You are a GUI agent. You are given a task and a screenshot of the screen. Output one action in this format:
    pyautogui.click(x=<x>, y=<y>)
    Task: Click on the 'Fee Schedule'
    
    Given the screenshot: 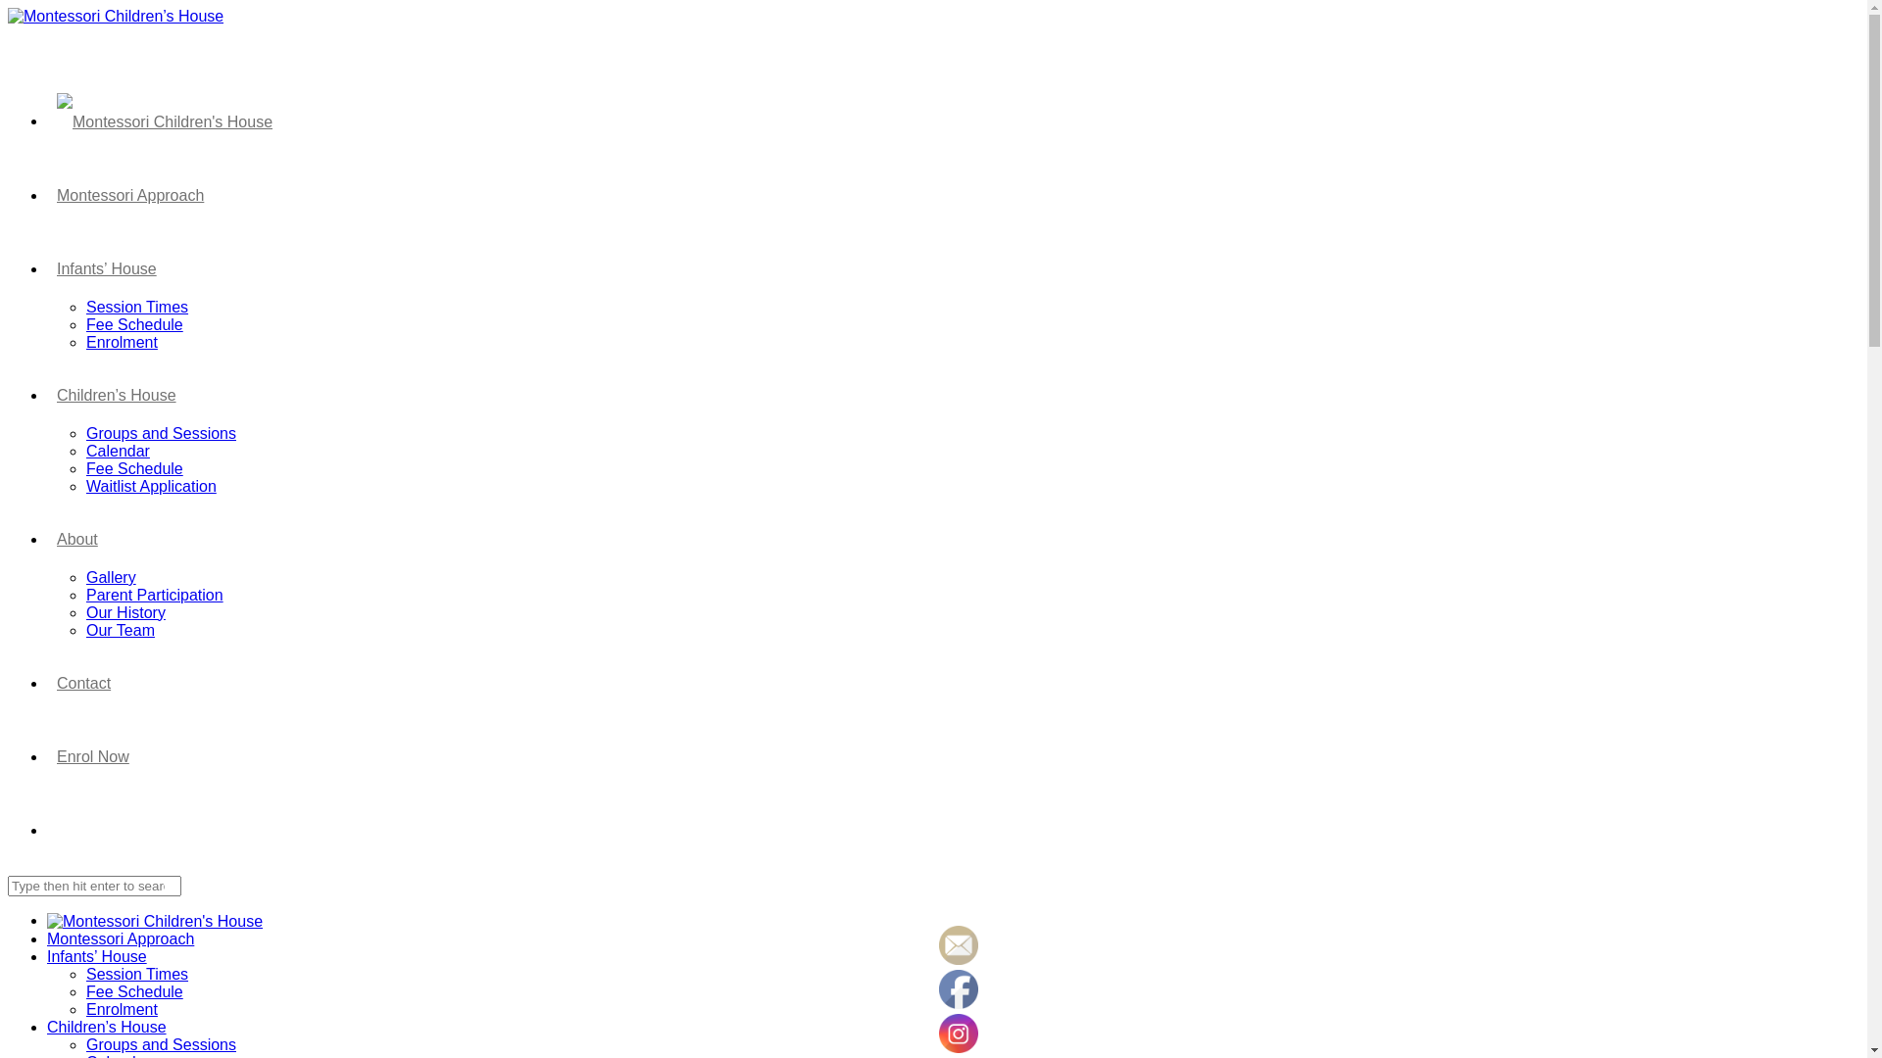 What is the action you would take?
    pyautogui.click(x=133, y=323)
    